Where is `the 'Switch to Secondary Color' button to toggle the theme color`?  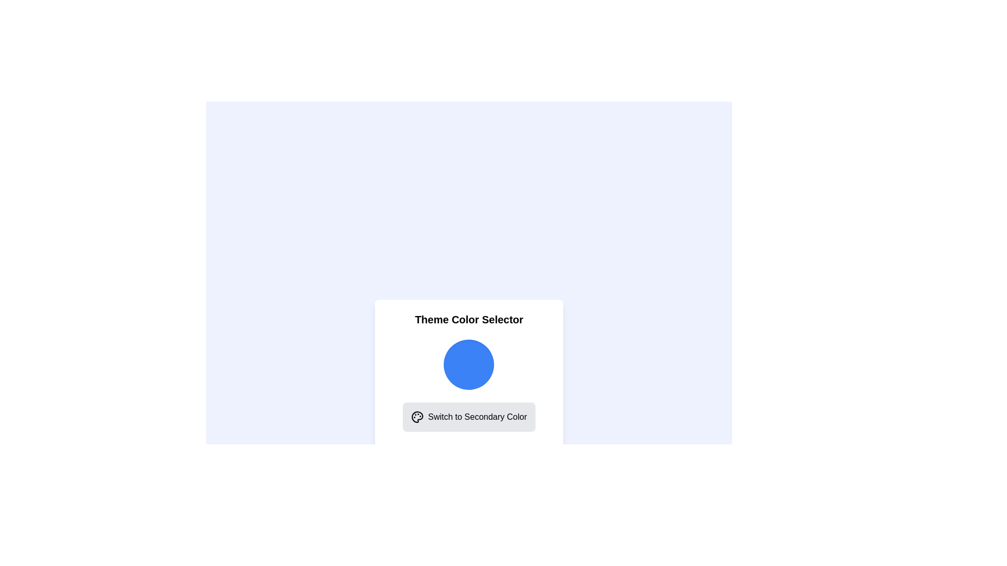 the 'Switch to Secondary Color' button to toggle the theme color is located at coordinates (468, 416).